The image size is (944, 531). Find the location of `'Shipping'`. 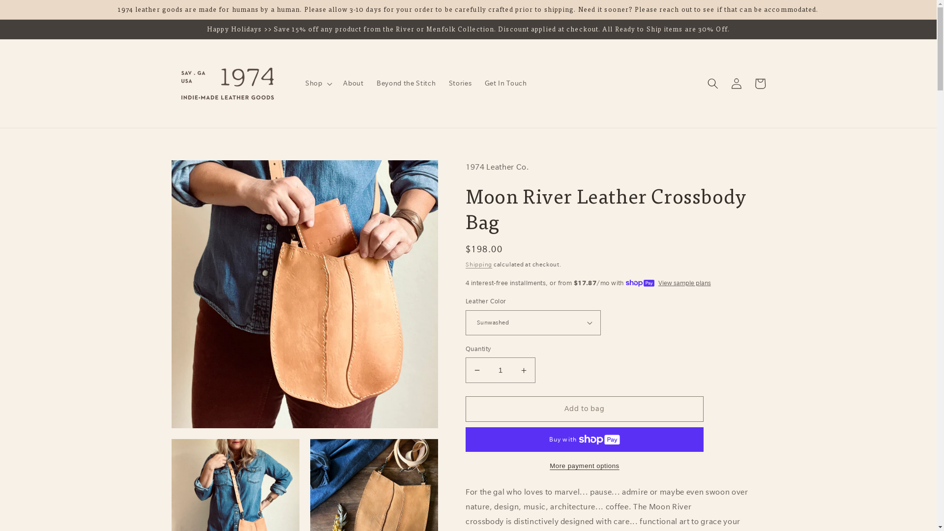

'Shipping' is located at coordinates (479, 264).